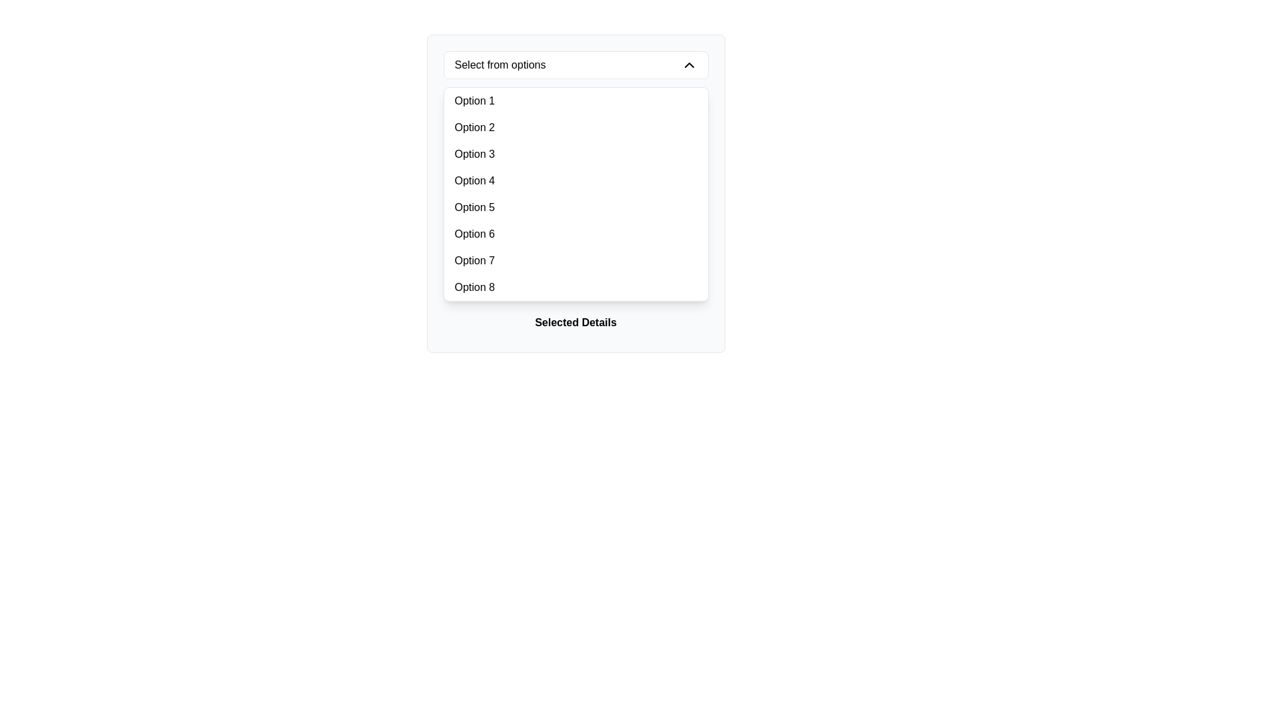  I want to click on the fourth item in the dropdown menu, so click(576, 181).